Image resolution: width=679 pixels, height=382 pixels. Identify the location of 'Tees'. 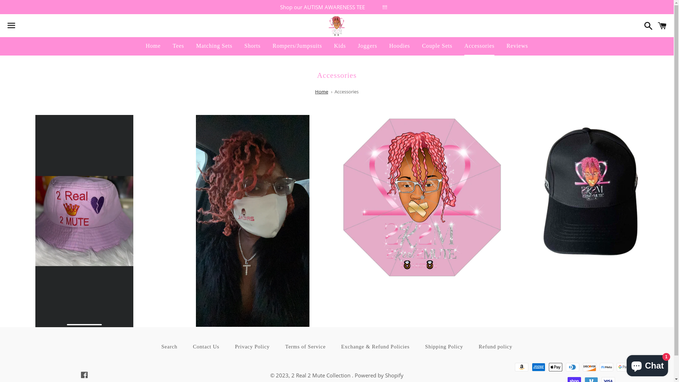
(167, 46).